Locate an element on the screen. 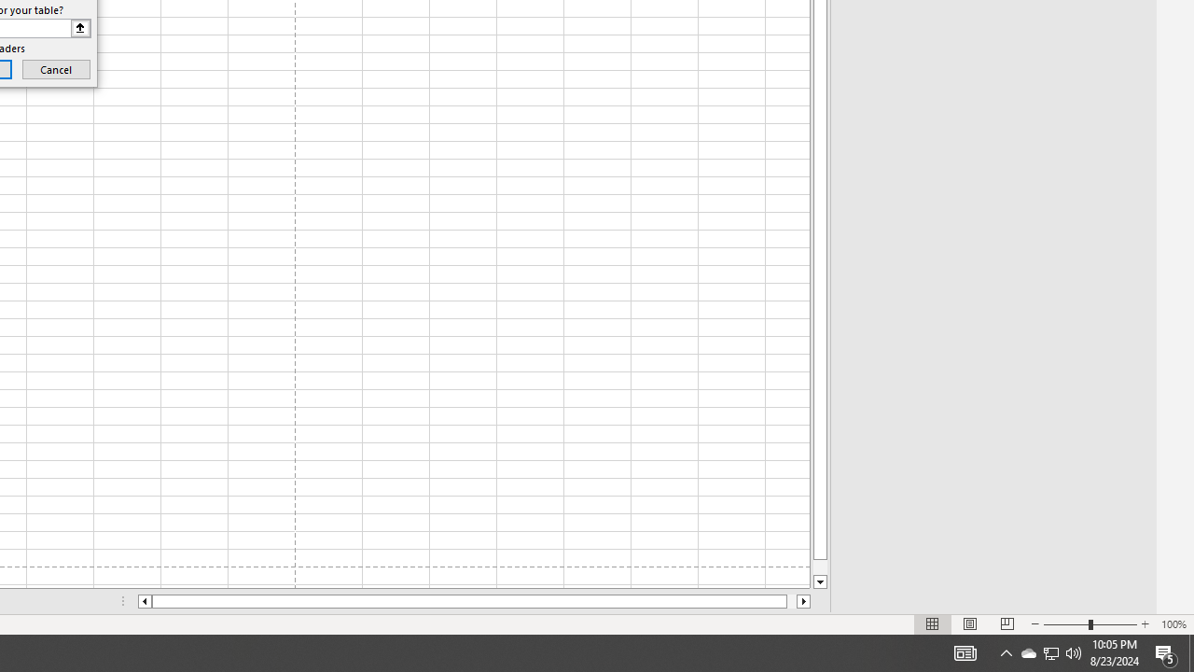 The width and height of the screenshot is (1194, 672). 'Column left' is located at coordinates (143, 601).